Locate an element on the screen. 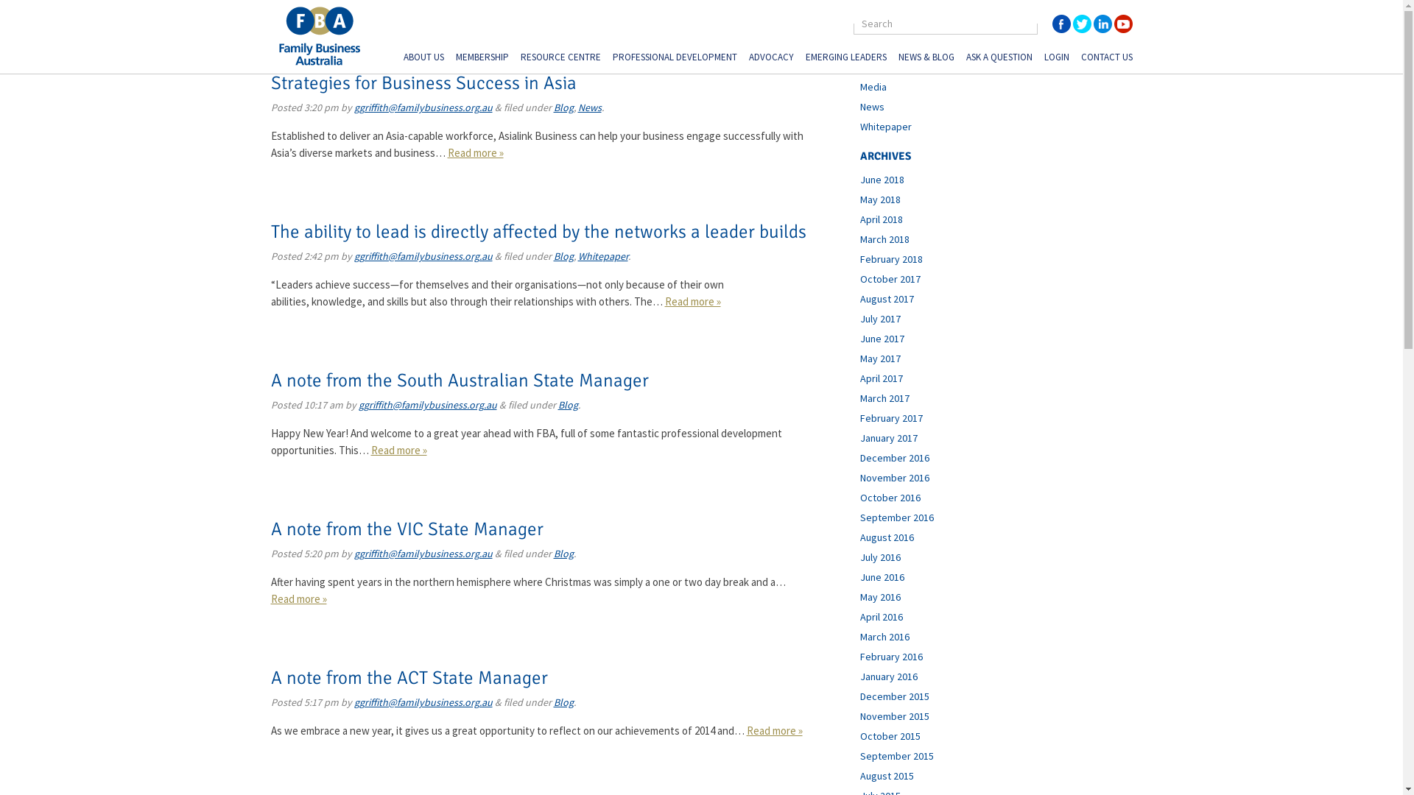 This screenshot has width=1414, height=795. 'News' is located at coordinates (872, 106).